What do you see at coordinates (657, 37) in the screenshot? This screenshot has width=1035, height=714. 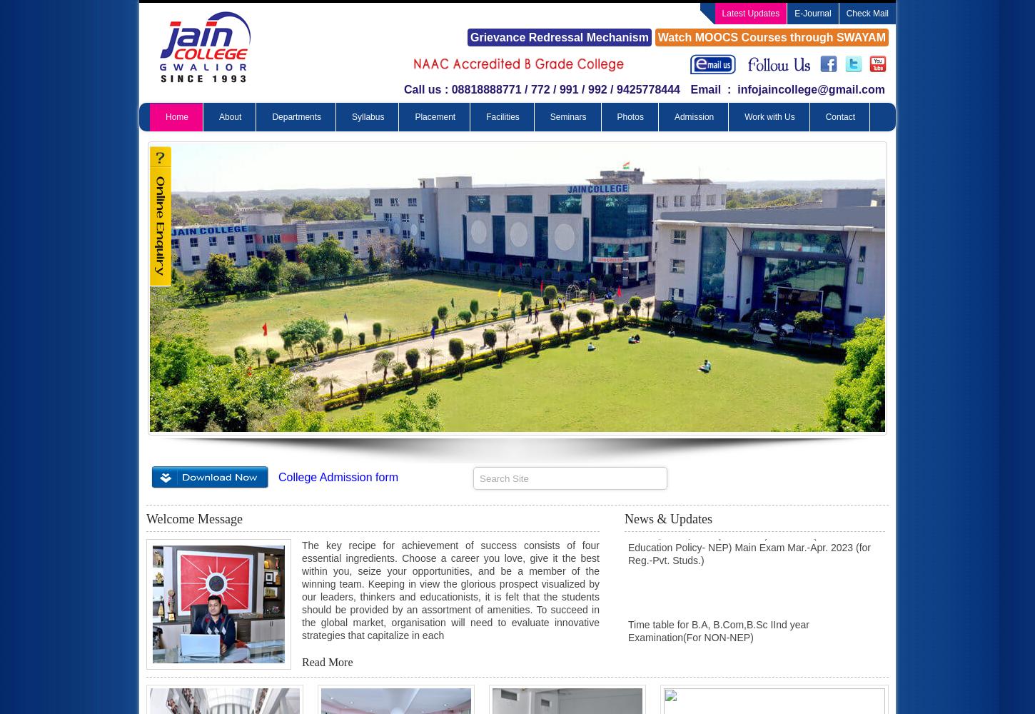 I see `'Watch MOOCS Courses through SWAYAM'` at bounding box center [657, 37].